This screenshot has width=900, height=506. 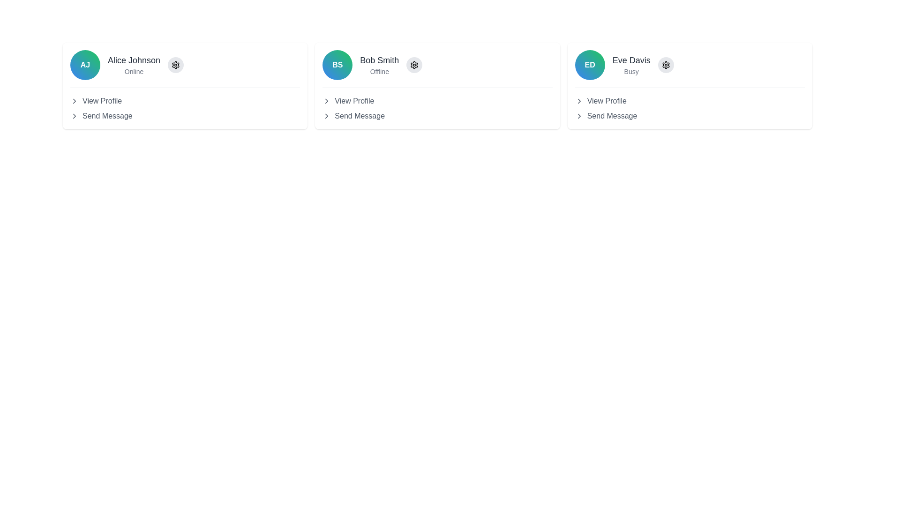 What do you see at coordinates (185, 104) in the screenshot?
I see `the 'Send Message' option in the menu located below Alice Johnson's name and status` at bounding box center [185, 104].